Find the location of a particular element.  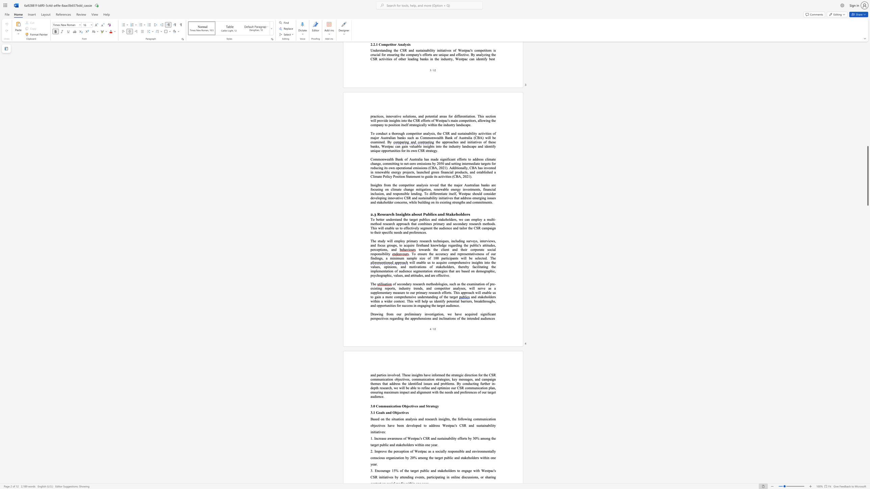

the subset text "will enable us" within the text "will enable us to" is located at coordinates (409, 262).